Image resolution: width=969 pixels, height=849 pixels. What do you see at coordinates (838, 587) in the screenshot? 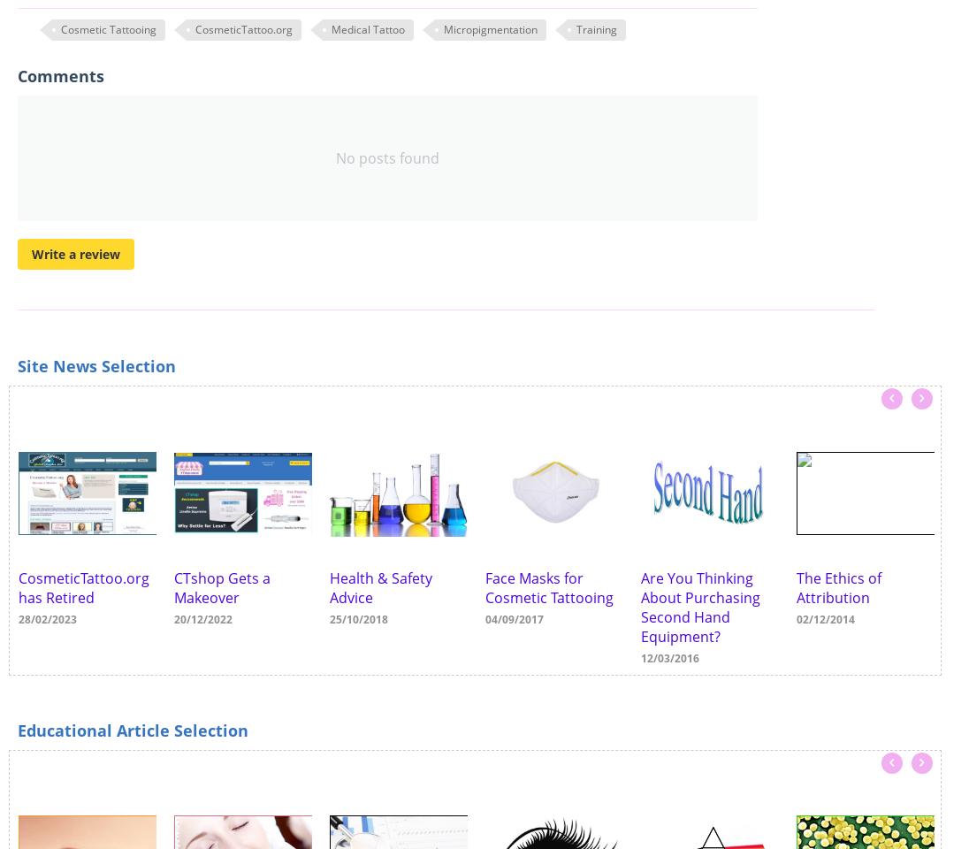
I see `'The Ethics of Attribution'` at bounding box center [838, 587].